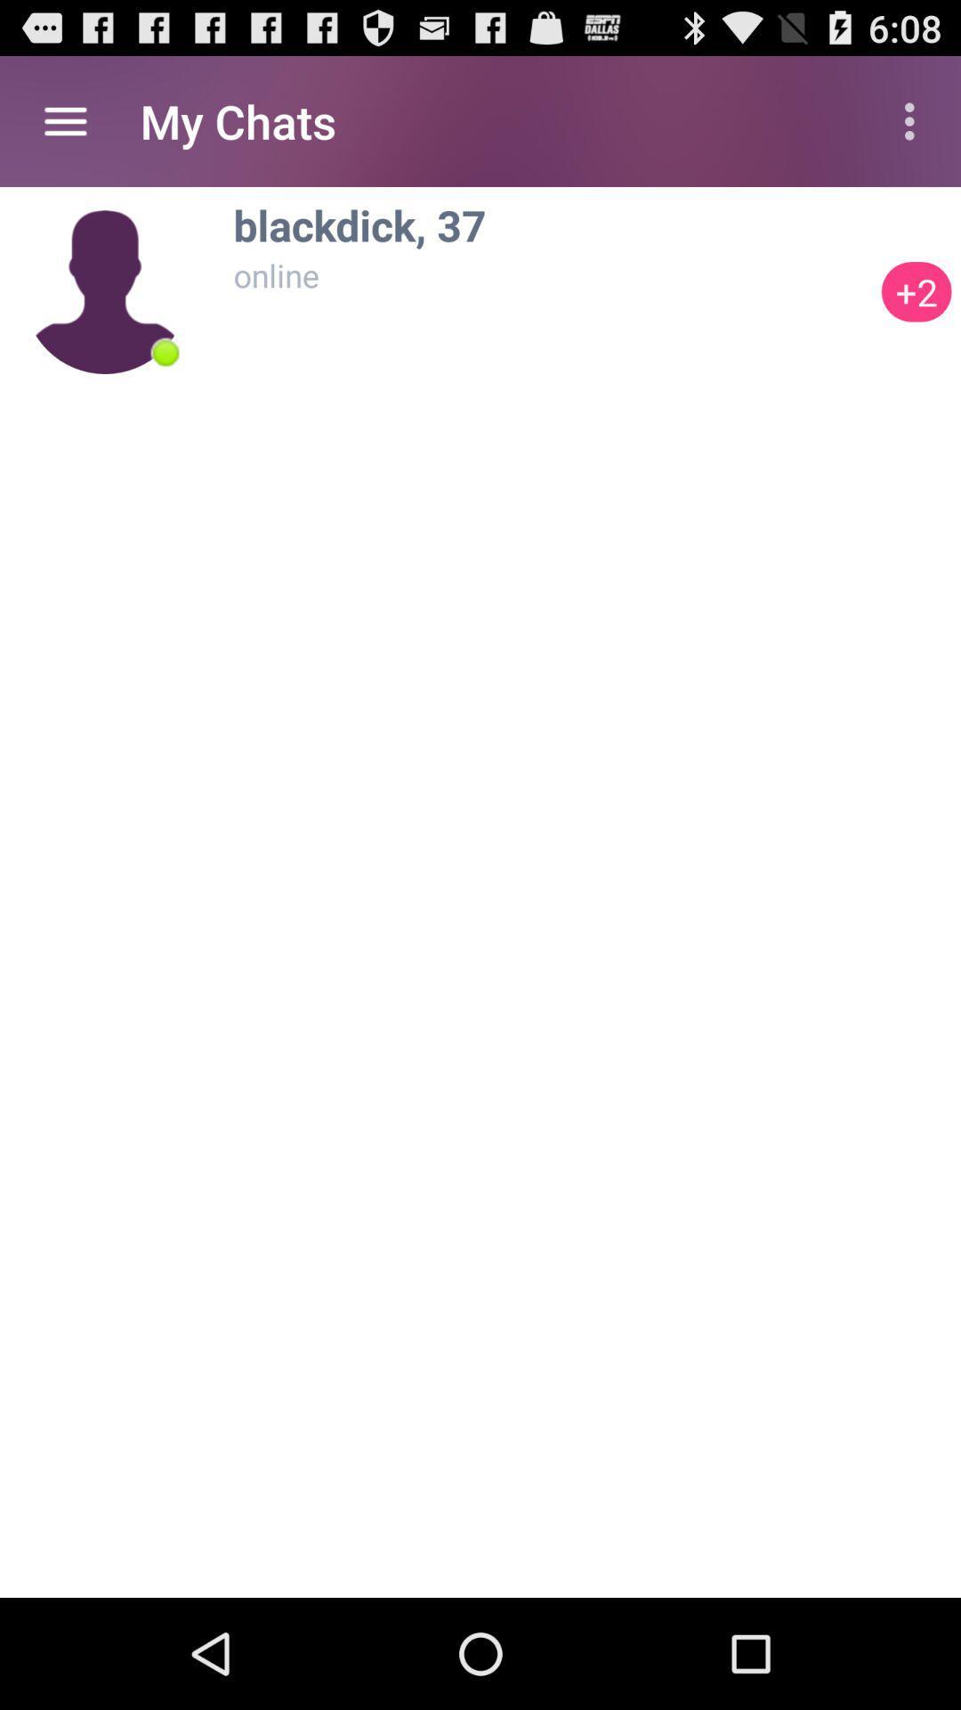  What do you see at coordinates (166, 353) in the screenshot?
I see `item to the left of +2` at bounding box center [166, 353].